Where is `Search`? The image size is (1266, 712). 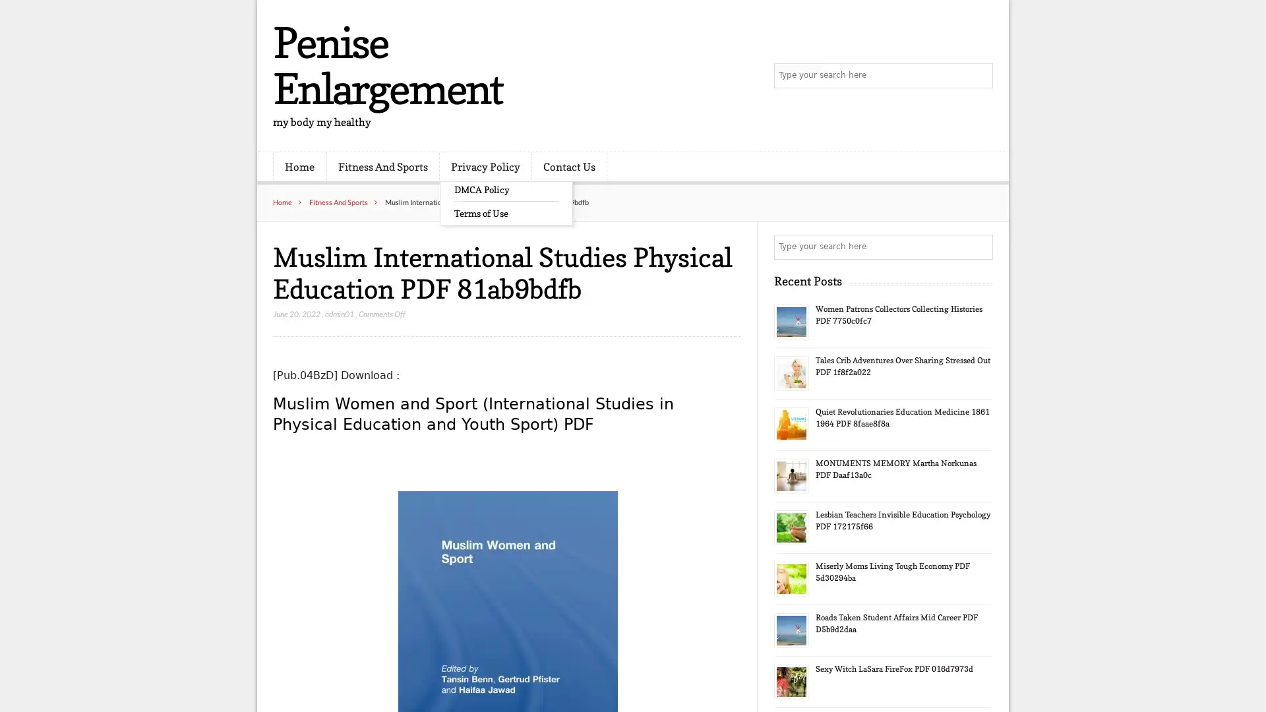 Search is located at coordinates (979, 247).